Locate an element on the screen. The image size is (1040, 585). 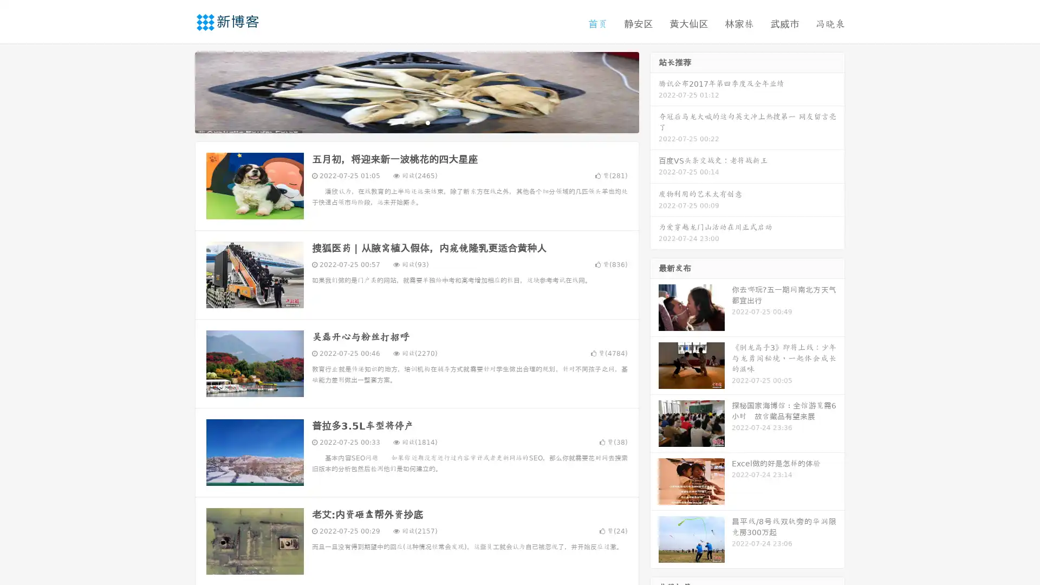
Next slide is located at coordinates (654, 91).